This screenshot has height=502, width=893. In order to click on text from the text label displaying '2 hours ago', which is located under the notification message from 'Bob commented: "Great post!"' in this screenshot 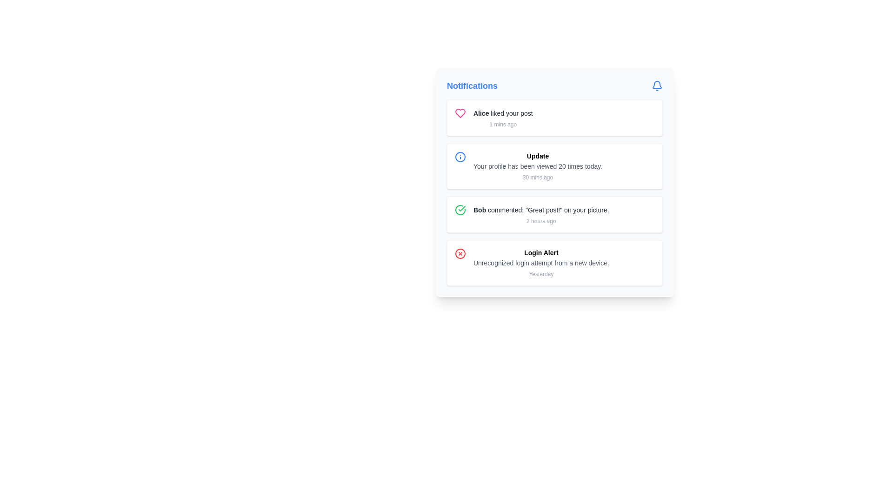, I will do `click(541, 221)`.